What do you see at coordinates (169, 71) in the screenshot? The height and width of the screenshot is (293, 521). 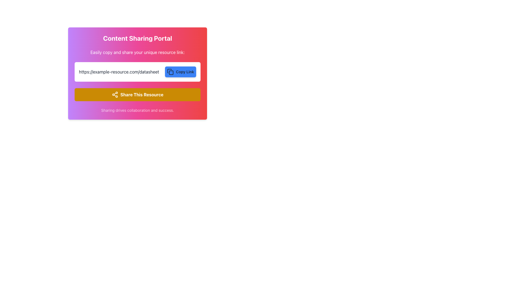 I see `the blue outlined rectangular copy icon located within the 'Copy Link' button to initiate the copy action` at bounding box center [169, 71].